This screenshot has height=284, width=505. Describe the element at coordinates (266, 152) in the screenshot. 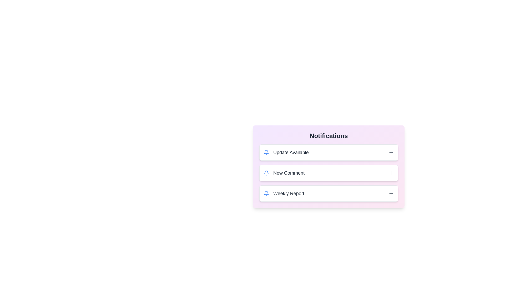

I see `the notification icon to open the notification panel` at that location.